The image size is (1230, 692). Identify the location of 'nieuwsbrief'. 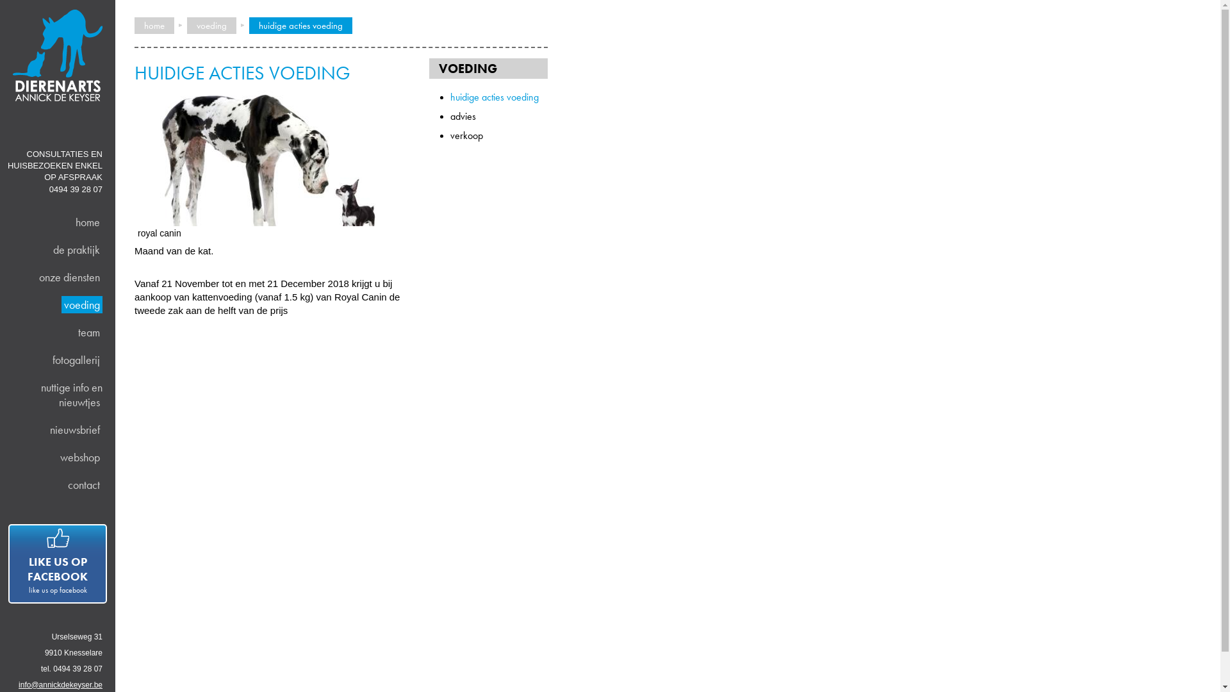
(47, 429).